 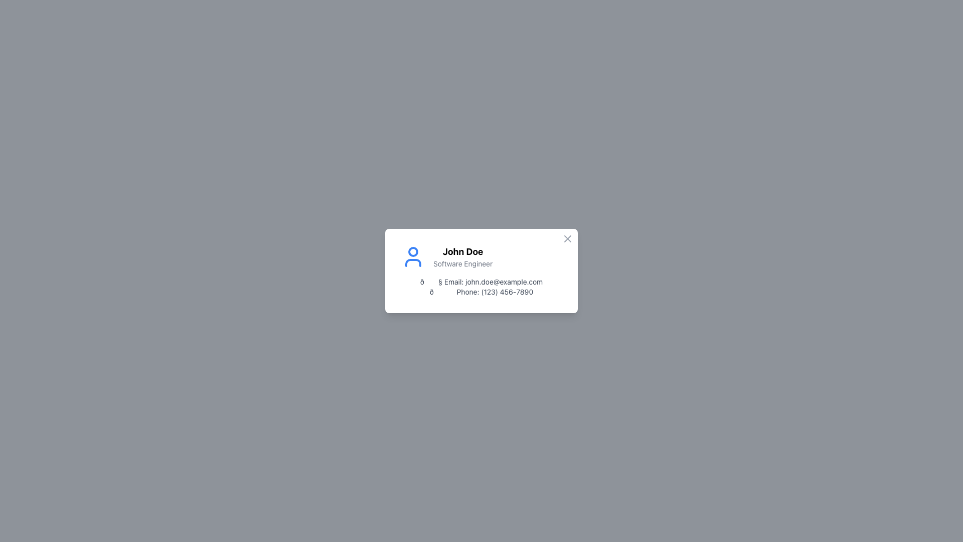 I want to click on the Close Icon (X shaped graphic) located in the top-right corner of the user information card to provide visual feedback, so click(x=568, y=238).